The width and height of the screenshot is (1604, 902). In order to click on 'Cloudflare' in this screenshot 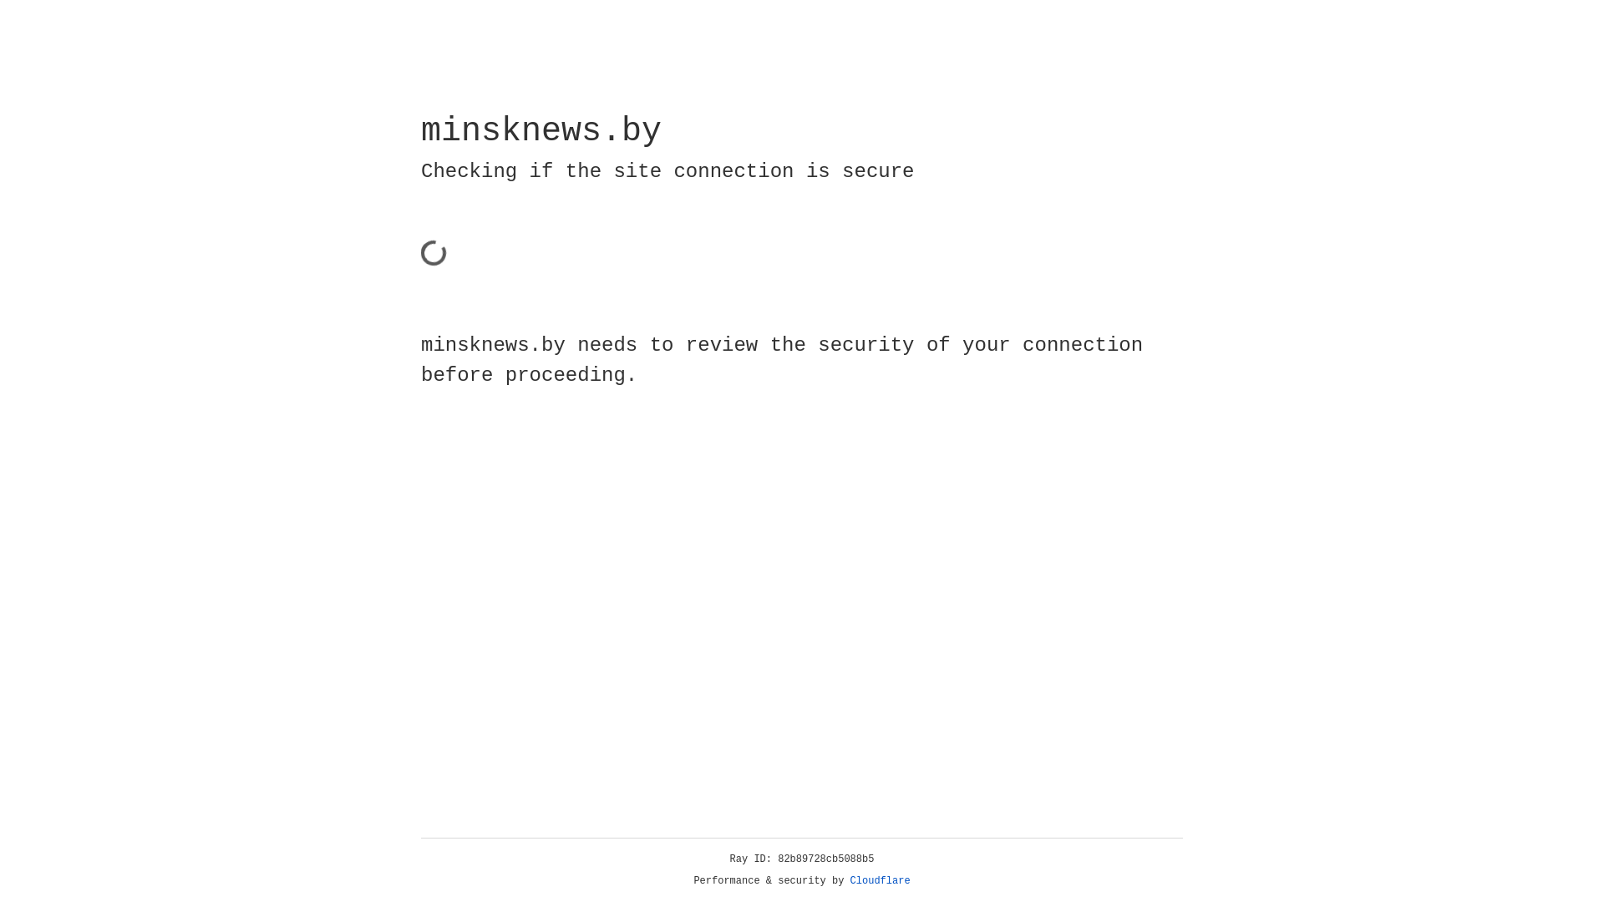, I will do `click(880, 880)`.